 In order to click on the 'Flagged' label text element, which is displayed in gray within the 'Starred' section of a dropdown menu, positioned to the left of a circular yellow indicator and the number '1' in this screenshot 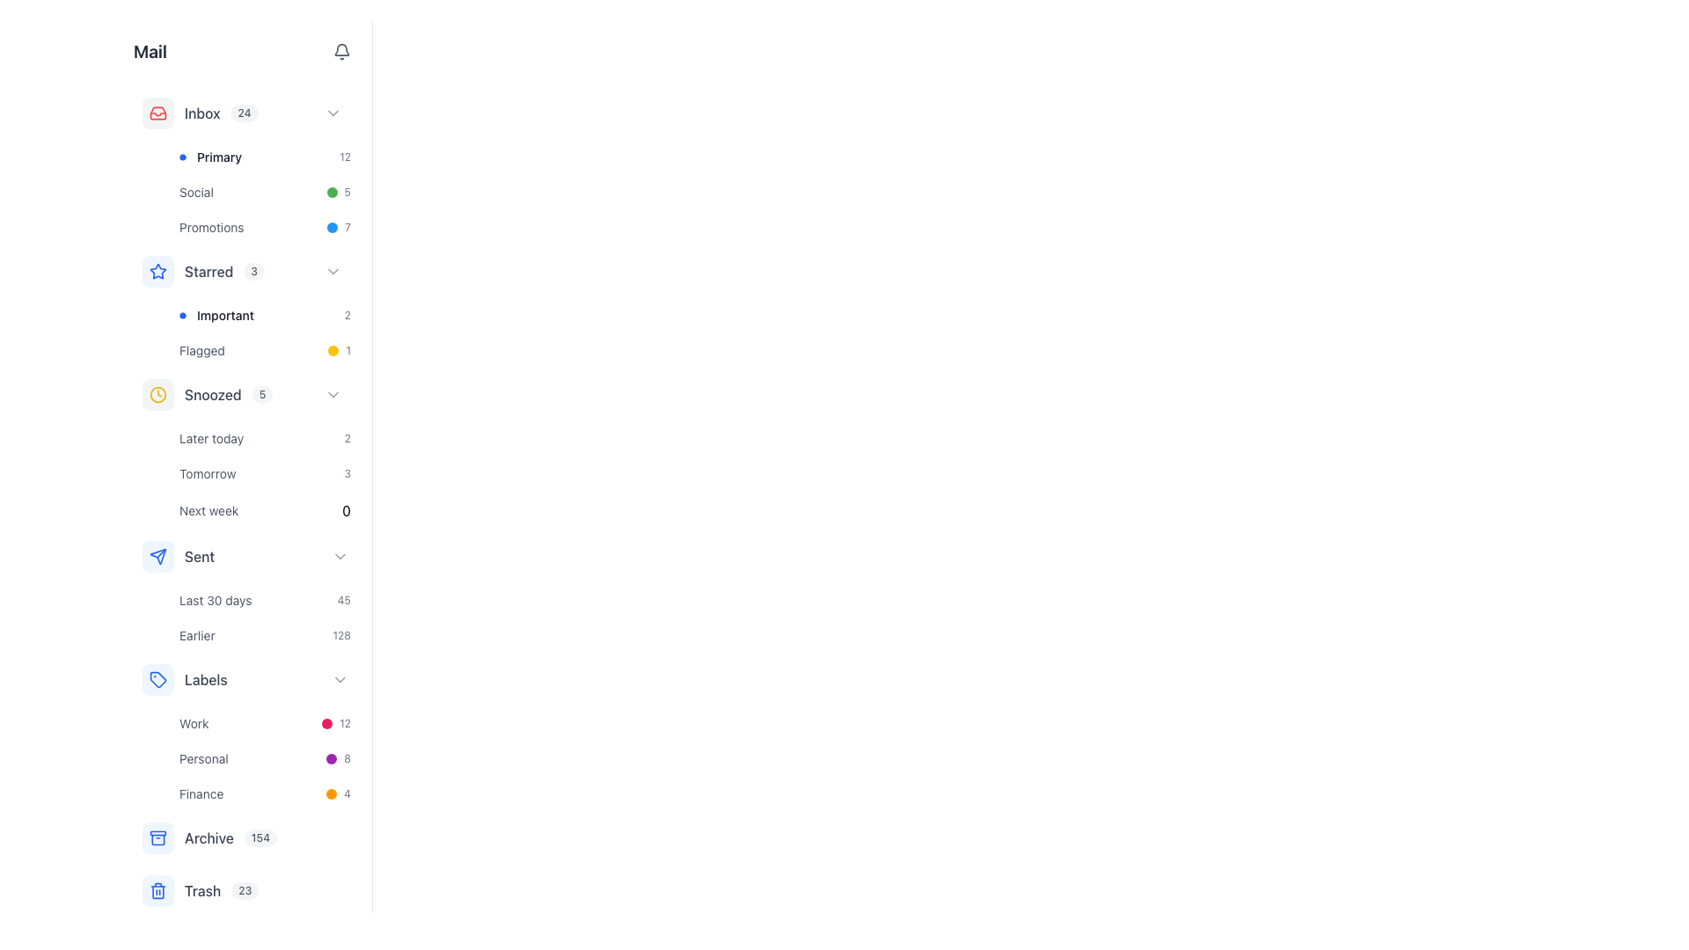, I will do `click(202, 350)`.